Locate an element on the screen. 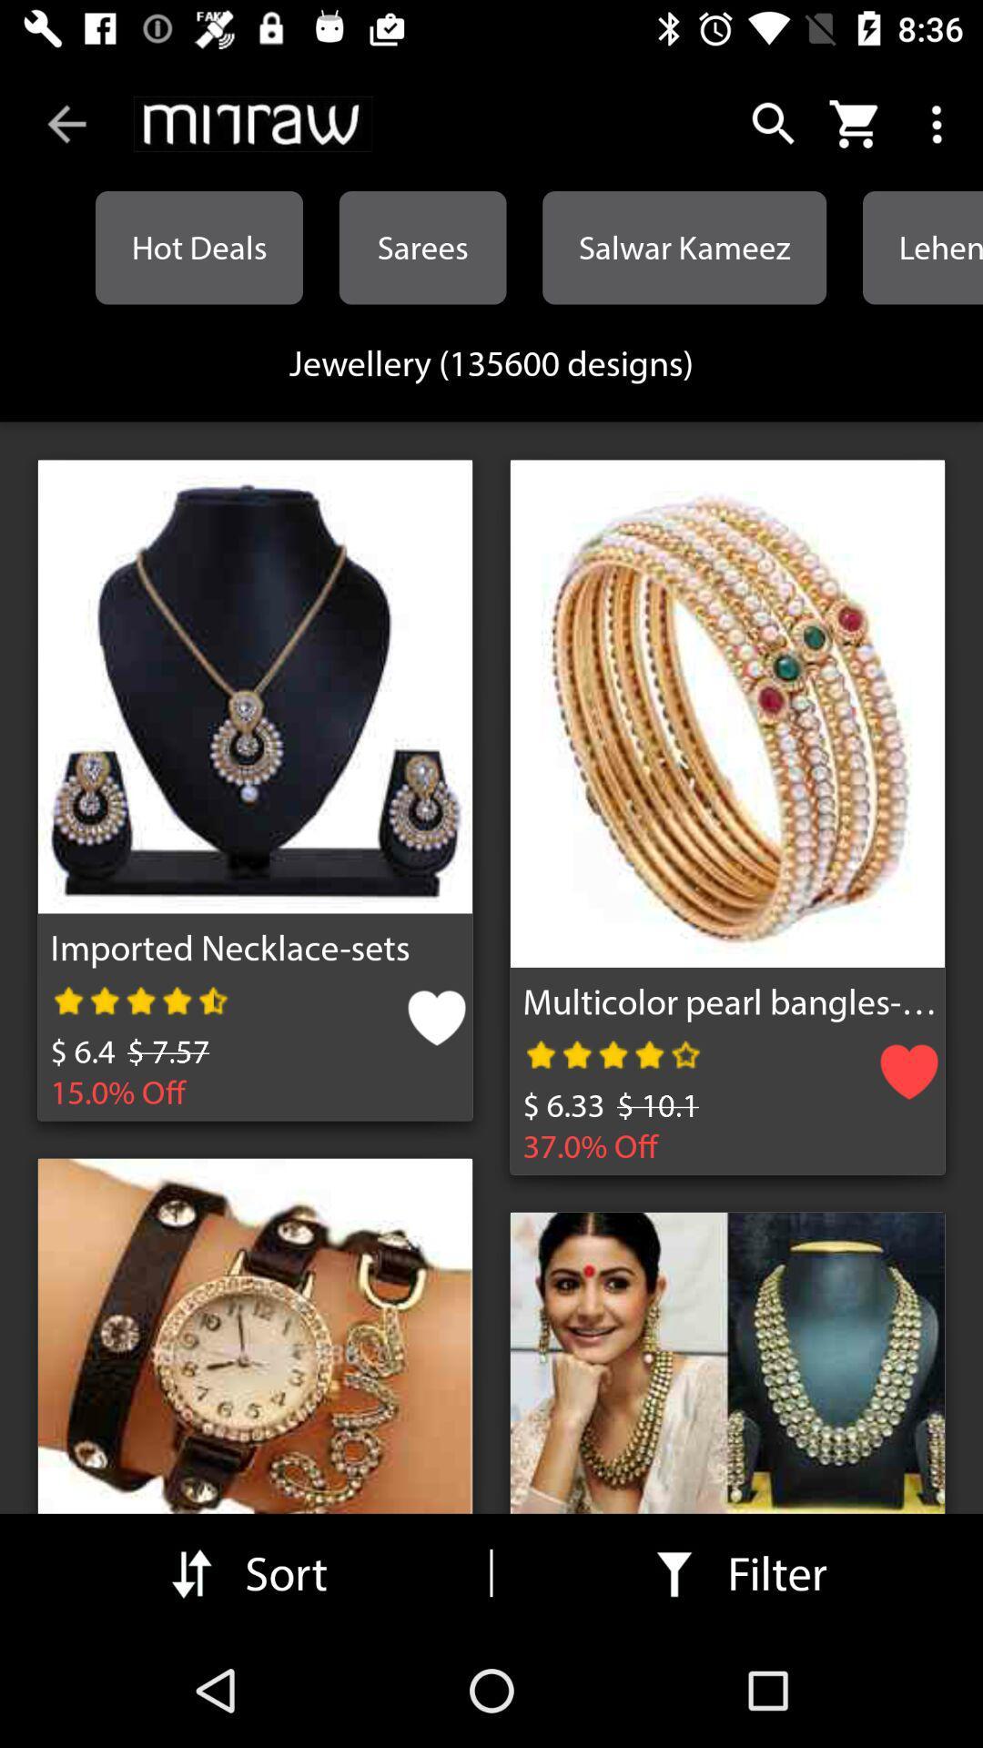 This screenshot has height=1748, width=983. the three vertical dots in the top right corner of the webpage is located at coordinates (940, 124).